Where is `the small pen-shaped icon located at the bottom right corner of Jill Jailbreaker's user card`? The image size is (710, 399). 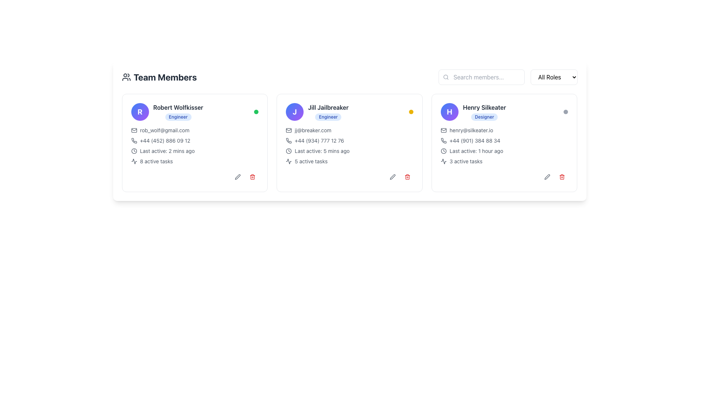
the small pen-shaped icon located at the bottom right corner of Jill Jailbreaker's user card is located at coordinates (392, 177).